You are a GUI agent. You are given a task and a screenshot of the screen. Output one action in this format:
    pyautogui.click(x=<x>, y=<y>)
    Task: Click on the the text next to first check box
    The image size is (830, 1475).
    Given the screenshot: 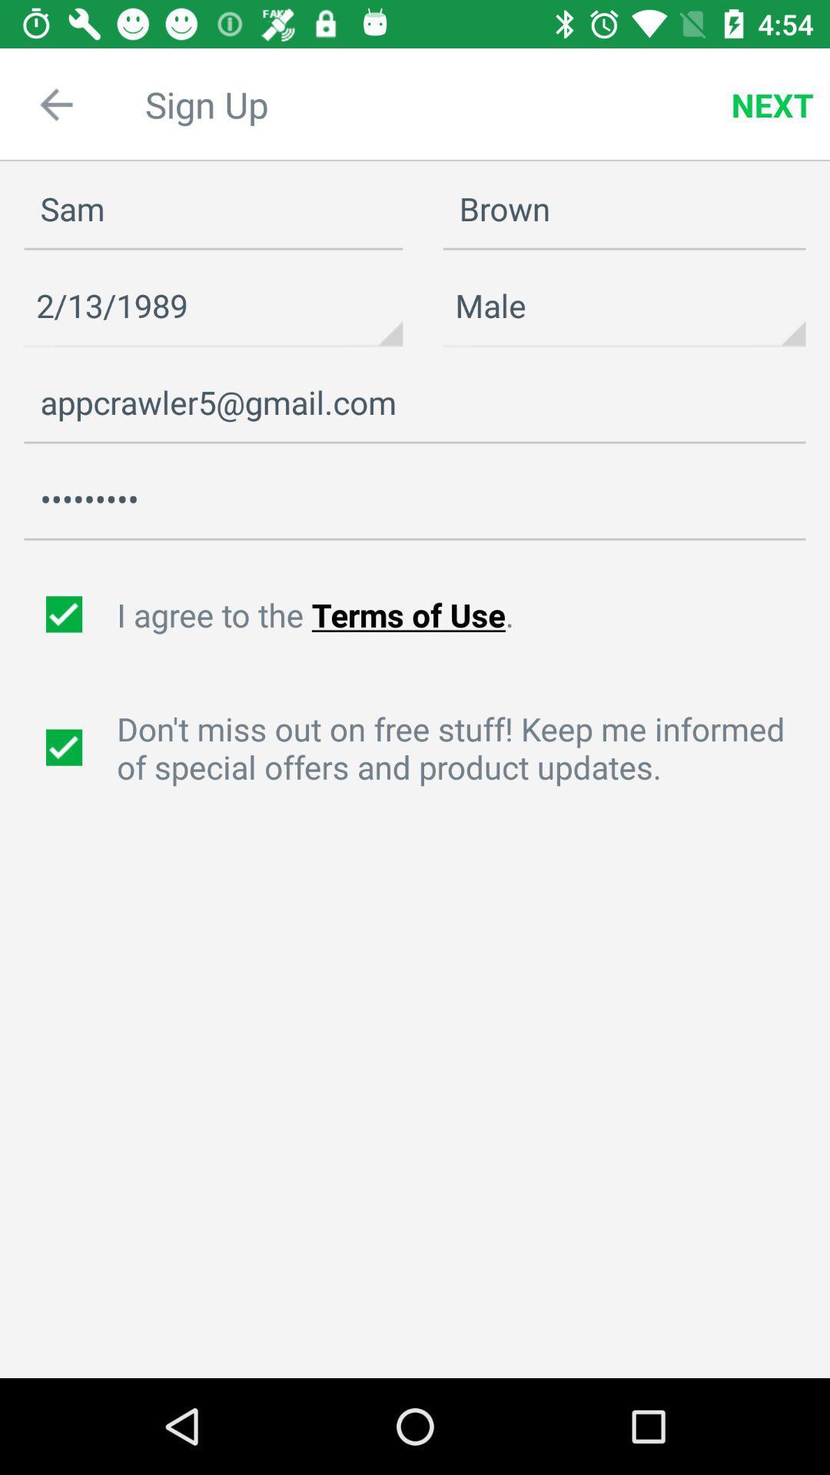 What is the action you would take?
    pyautogui.click(x=464, y=615)
    